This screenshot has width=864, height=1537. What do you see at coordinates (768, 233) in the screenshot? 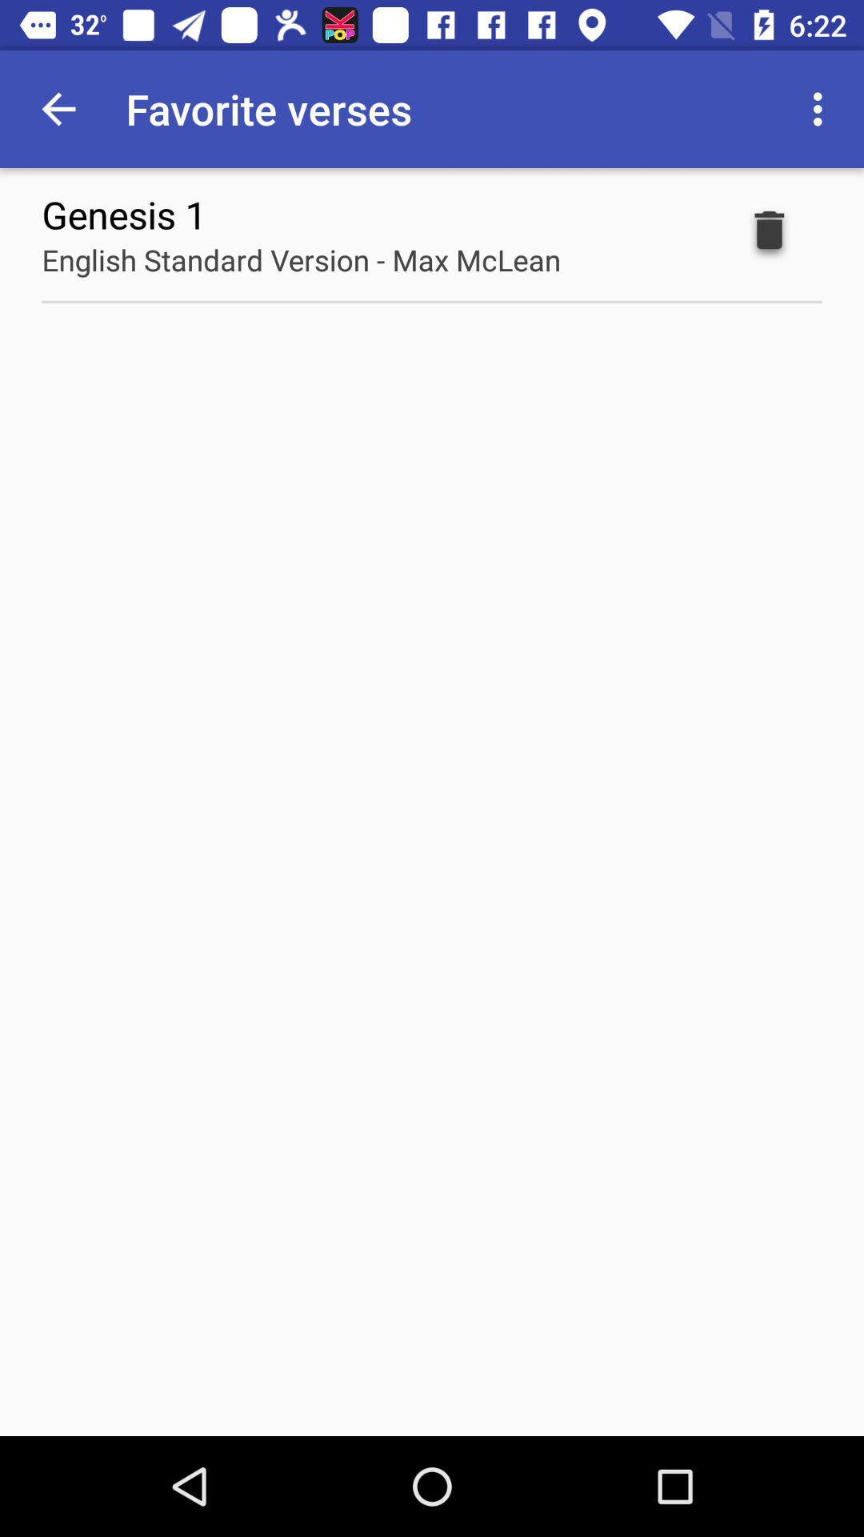
I see `icon next to english standard version item` at bounding box center [768, 233].